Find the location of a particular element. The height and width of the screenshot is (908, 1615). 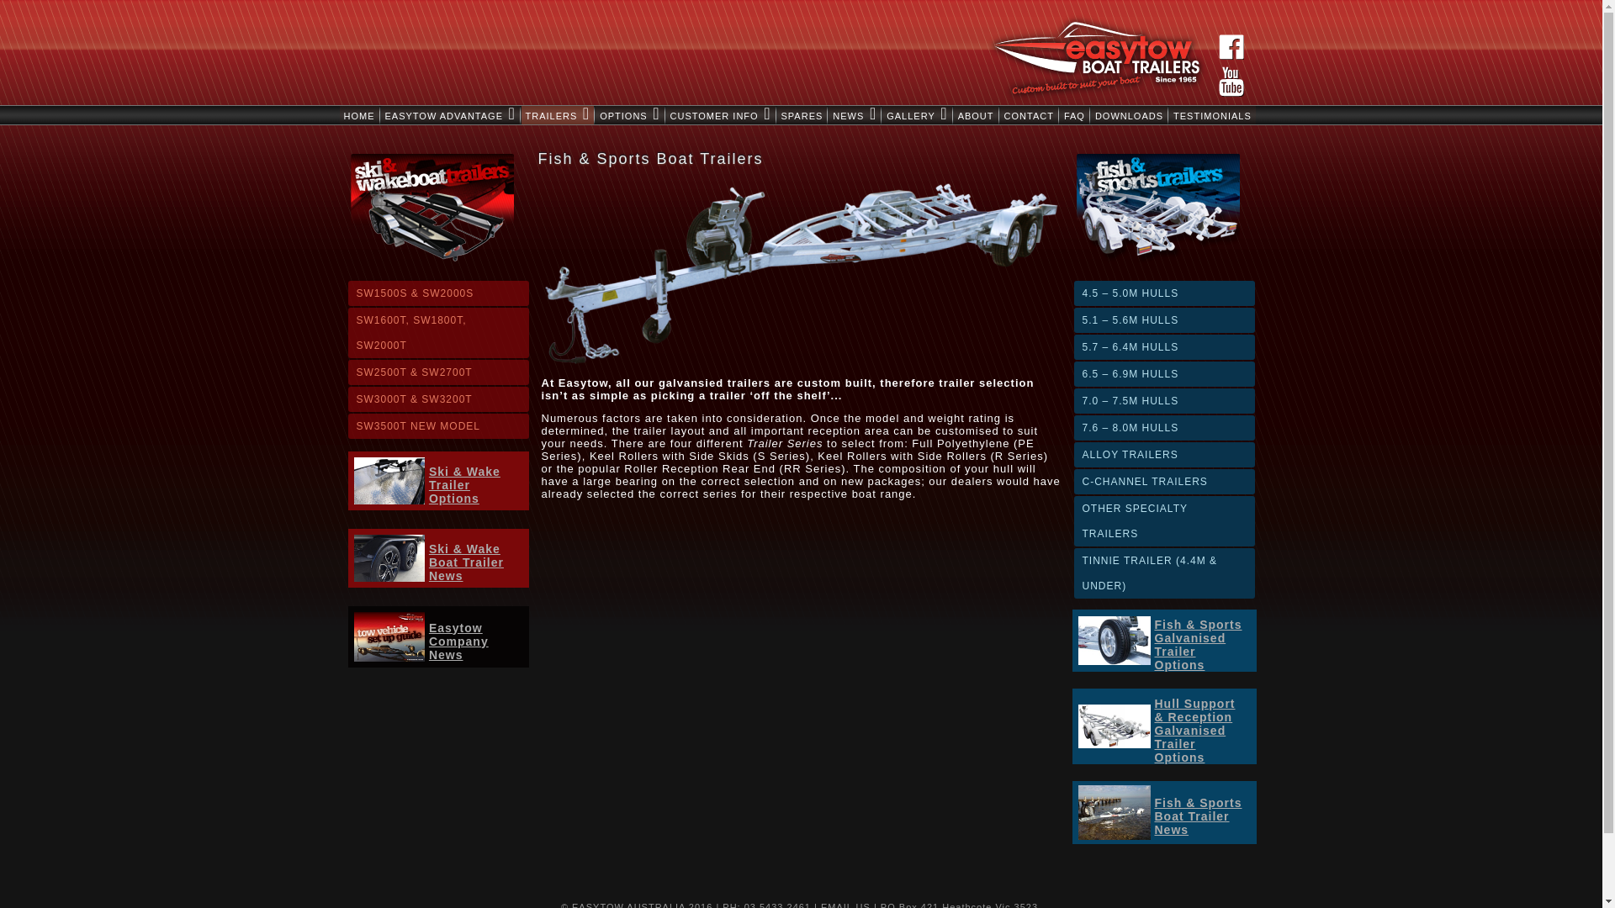

'Hull Support & Reception Galvanised Trailer Options' is located at coordinates (1153, 729).